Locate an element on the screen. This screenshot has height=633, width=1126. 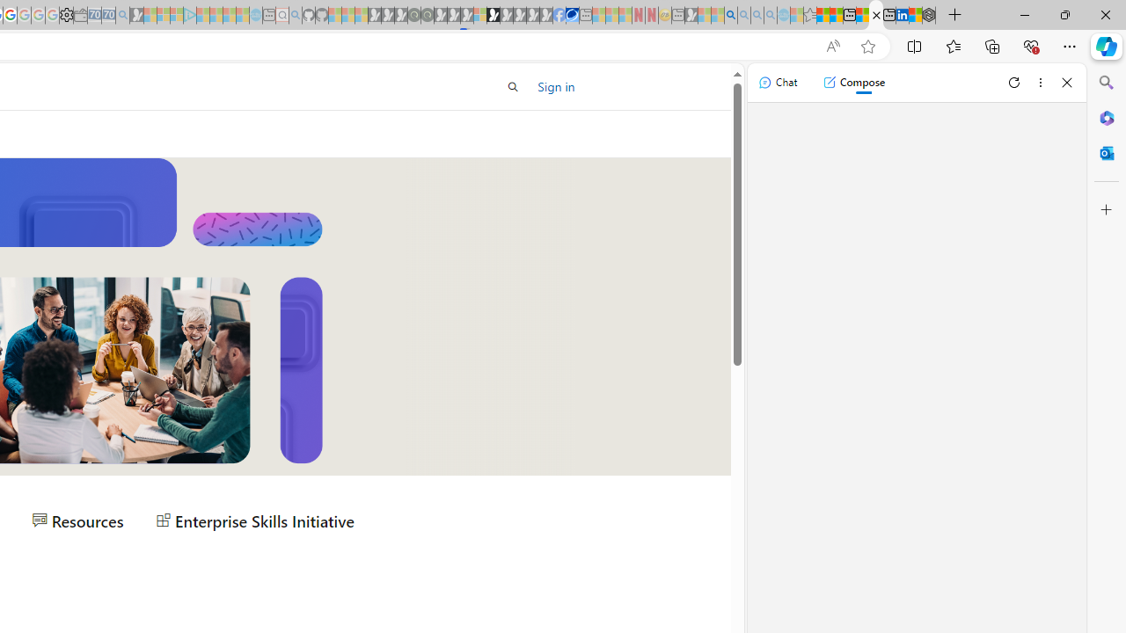
'github - Search - Sleeping' is located at coordinates (296, 15).